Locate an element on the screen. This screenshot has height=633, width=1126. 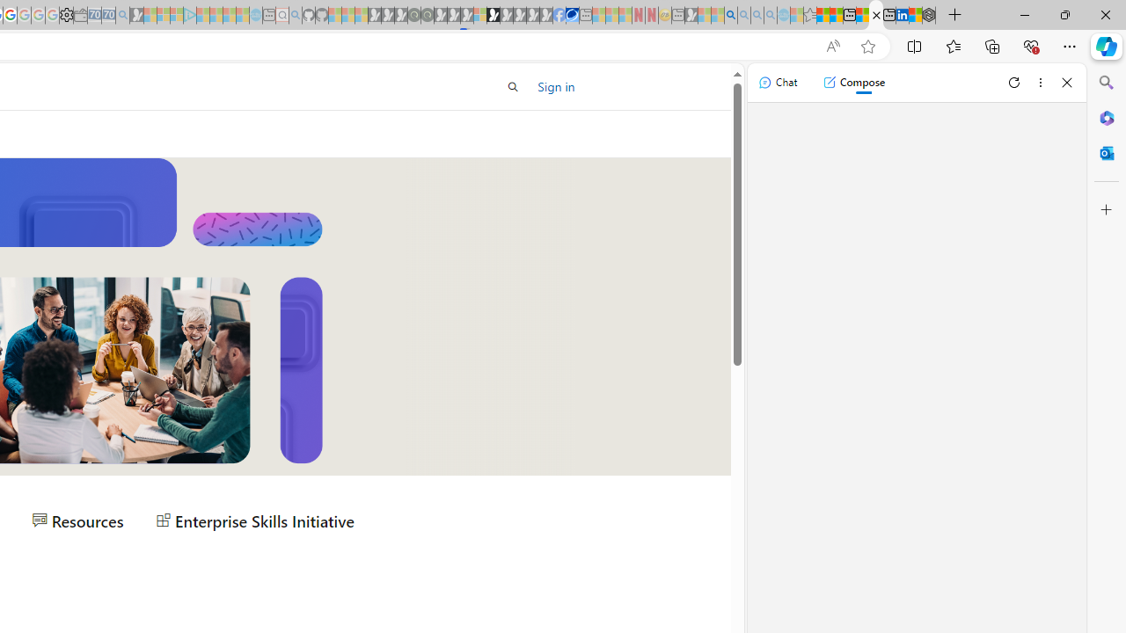
'github - Search - Sleeping' is located at coordinates (296, 15).